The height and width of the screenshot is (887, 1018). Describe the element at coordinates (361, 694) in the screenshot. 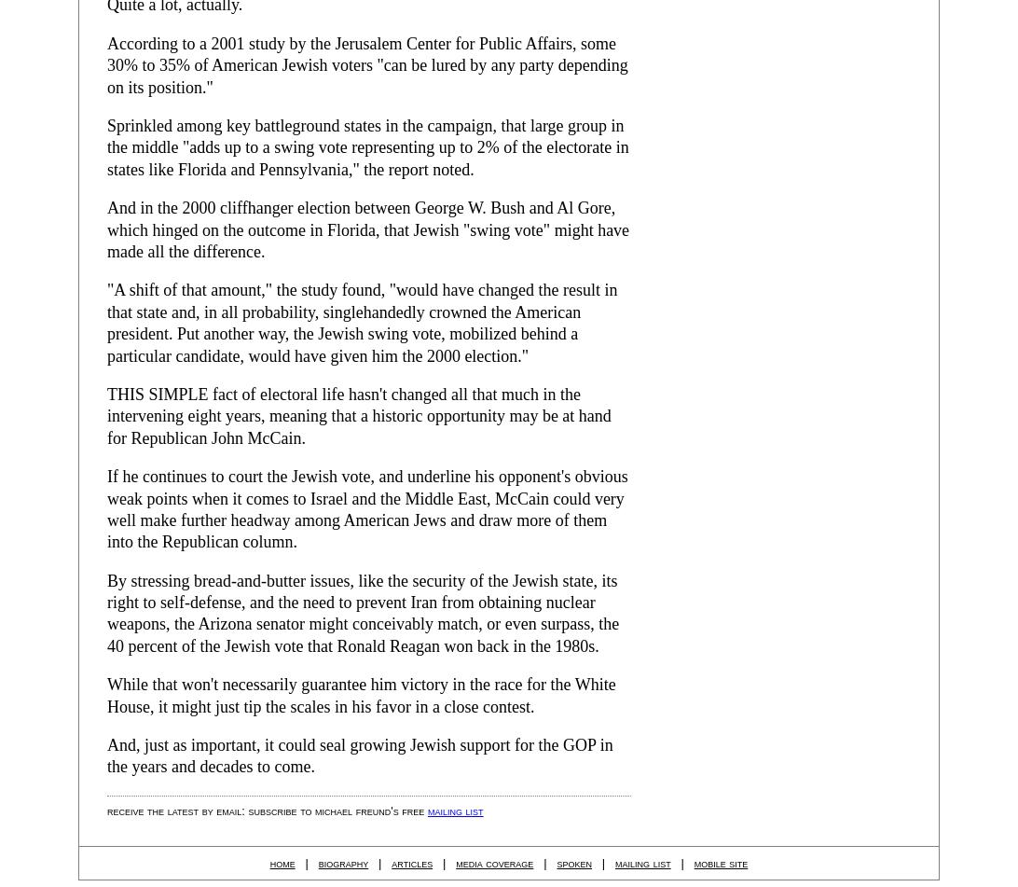

I see `'While that won't necessarily guarantee him victory in the race for the White House, it might just tip the scales in his favor in a close contest.'` at that location.